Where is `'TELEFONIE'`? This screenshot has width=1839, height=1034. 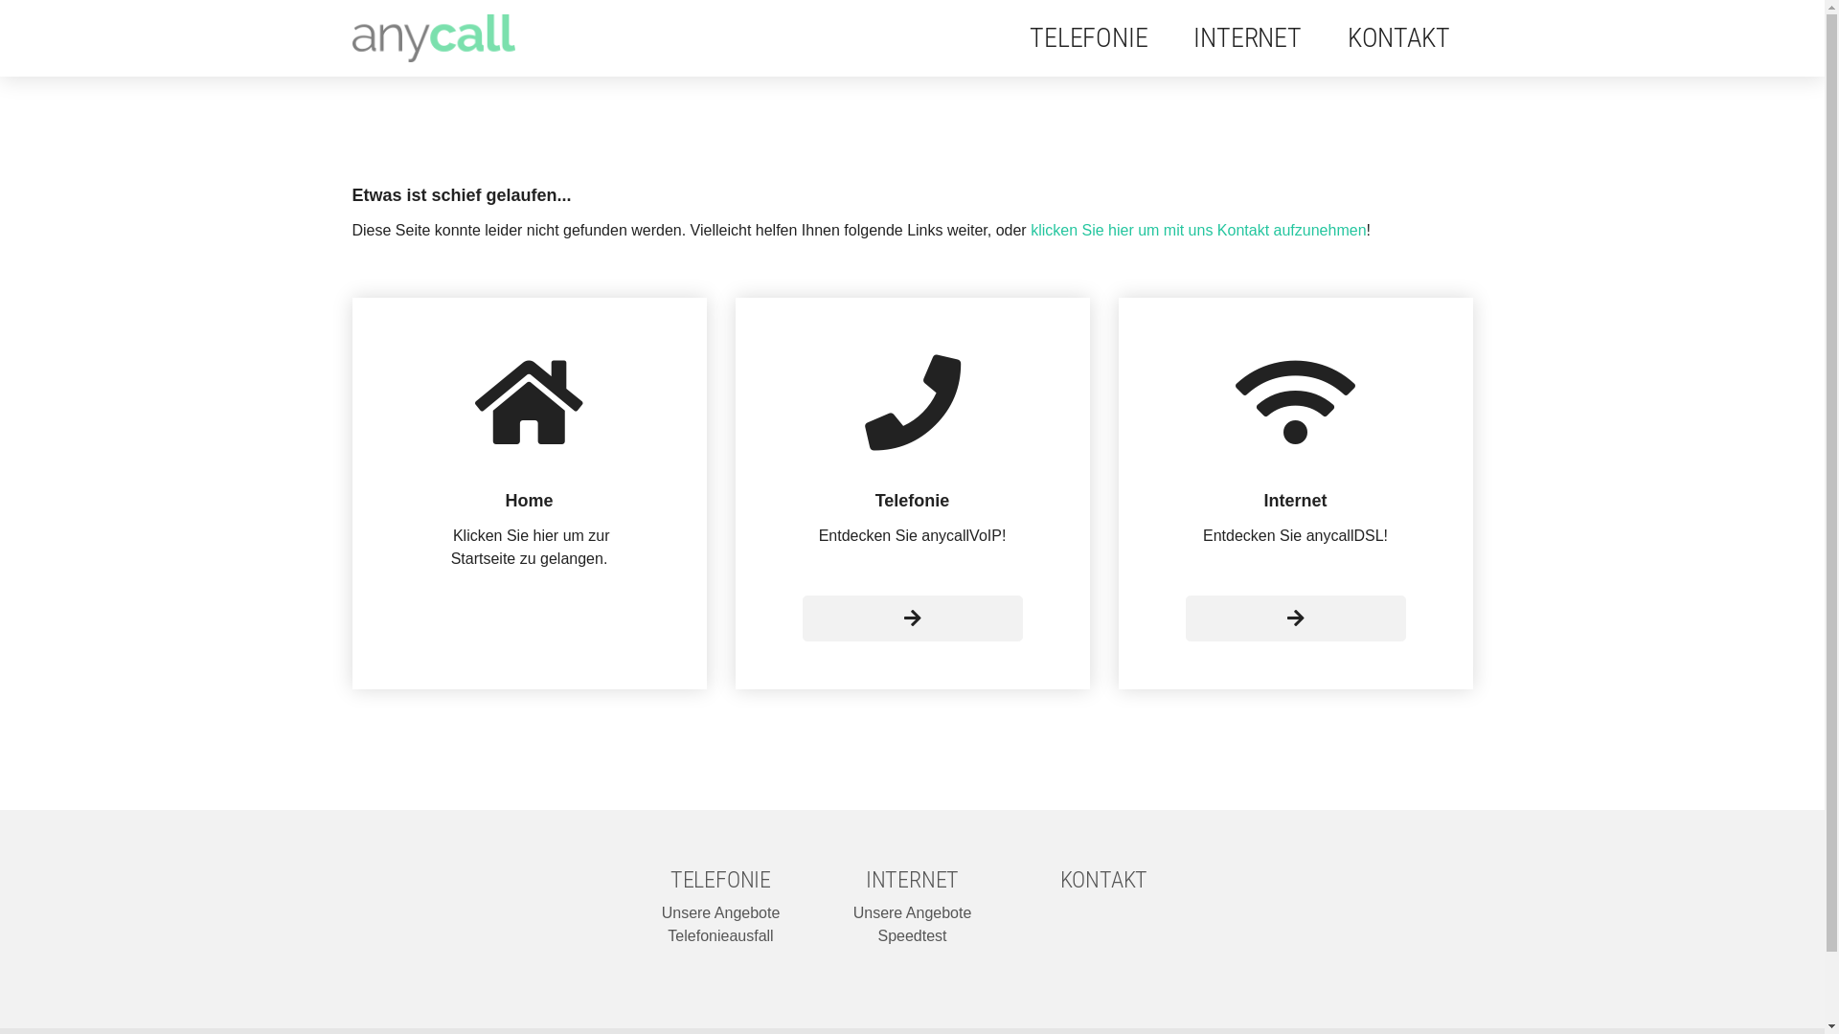 'TELEFONIE' is located at coordinates (1088, 37).